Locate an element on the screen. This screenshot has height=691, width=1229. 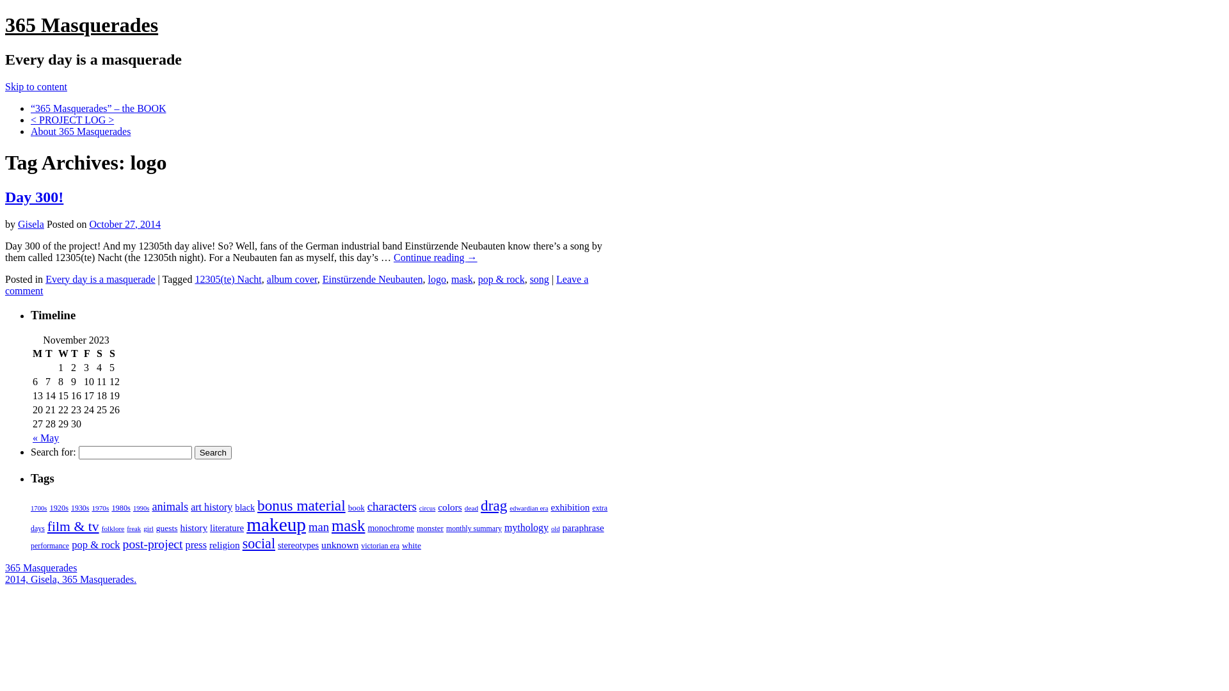
'365 Masquerades' is located at coordinates (81, 24).